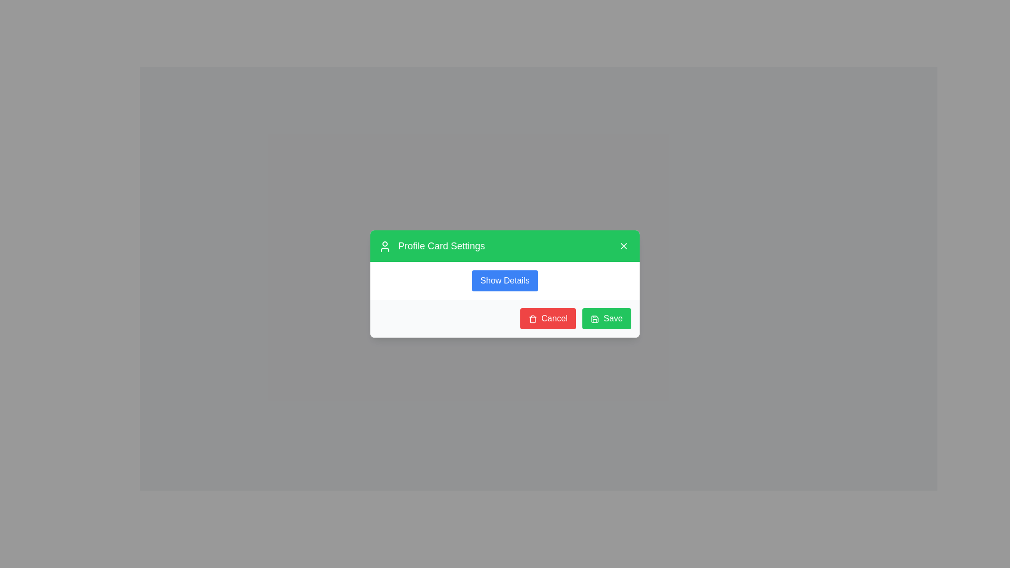 The height and width of the screenshot is (568, 1010). What do you see at coordinates (607, 318) in the screenshot?
I see `the green 'Save' button with rounded corners and a save icon` at bounding box center [607, 318].